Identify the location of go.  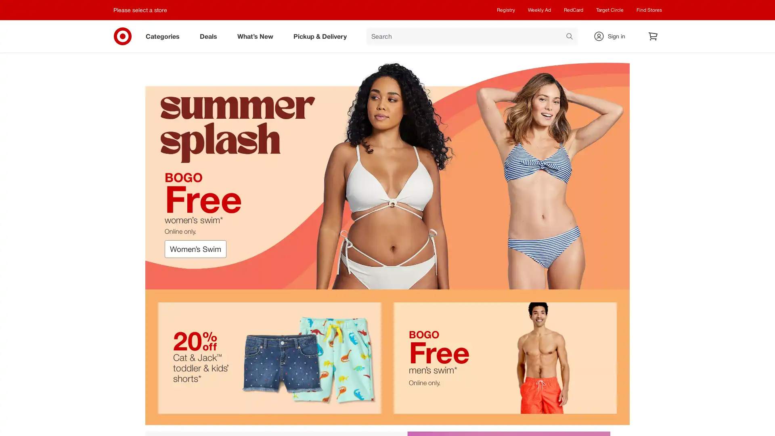
(569, 37).